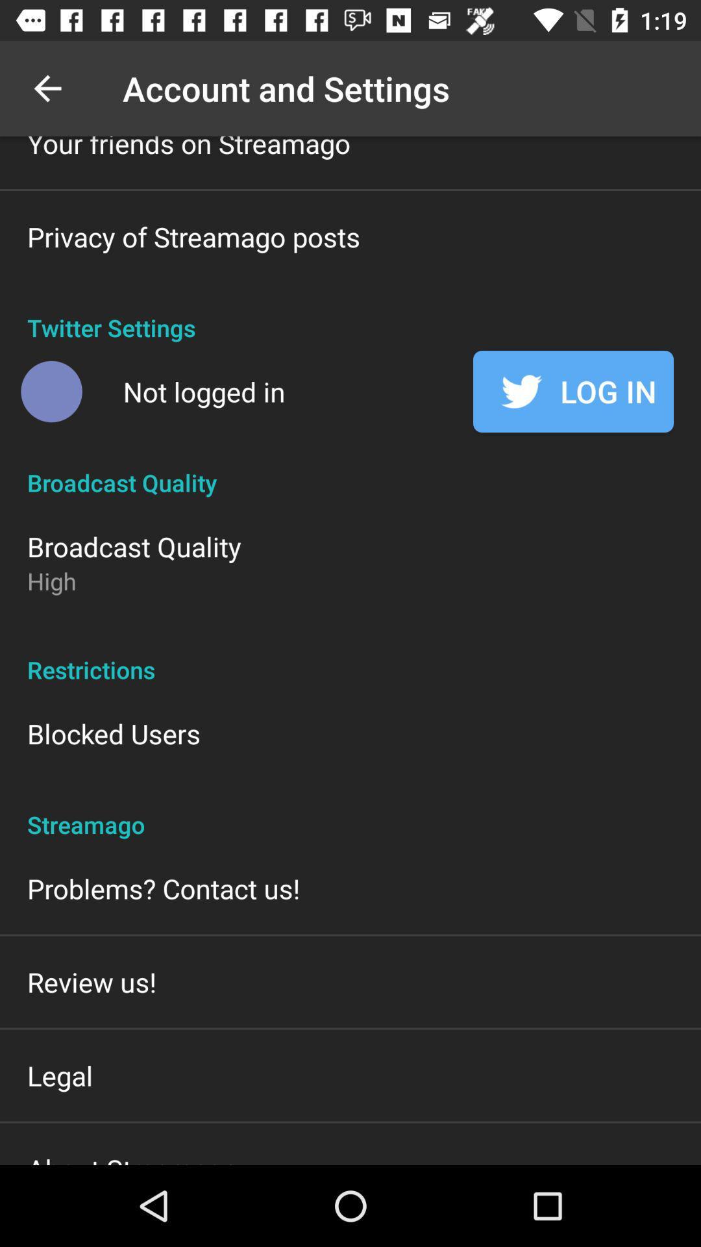 This screenshot has height=1247, width=701. What do you see at coordinates (193, 236) in the screenshot?
I see `the privacy of streamago item` at bounding box center [193, 236].